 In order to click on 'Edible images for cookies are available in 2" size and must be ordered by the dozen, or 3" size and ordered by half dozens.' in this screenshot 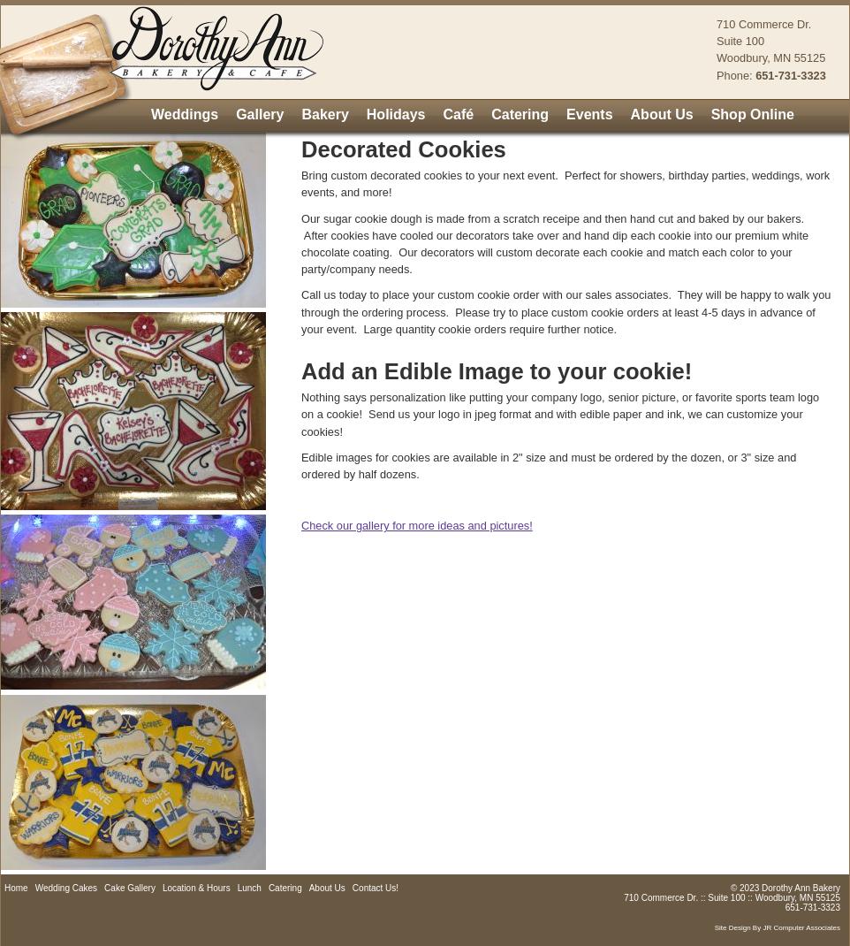, I will do `click(547, 465)`.